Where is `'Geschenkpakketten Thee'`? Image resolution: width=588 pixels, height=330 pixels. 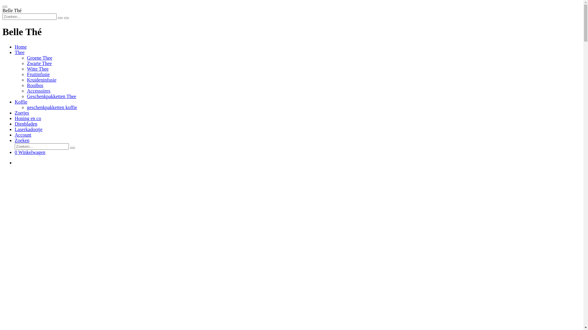 'Geschenkpakketten Thee' is located at coordinates (51, 96).